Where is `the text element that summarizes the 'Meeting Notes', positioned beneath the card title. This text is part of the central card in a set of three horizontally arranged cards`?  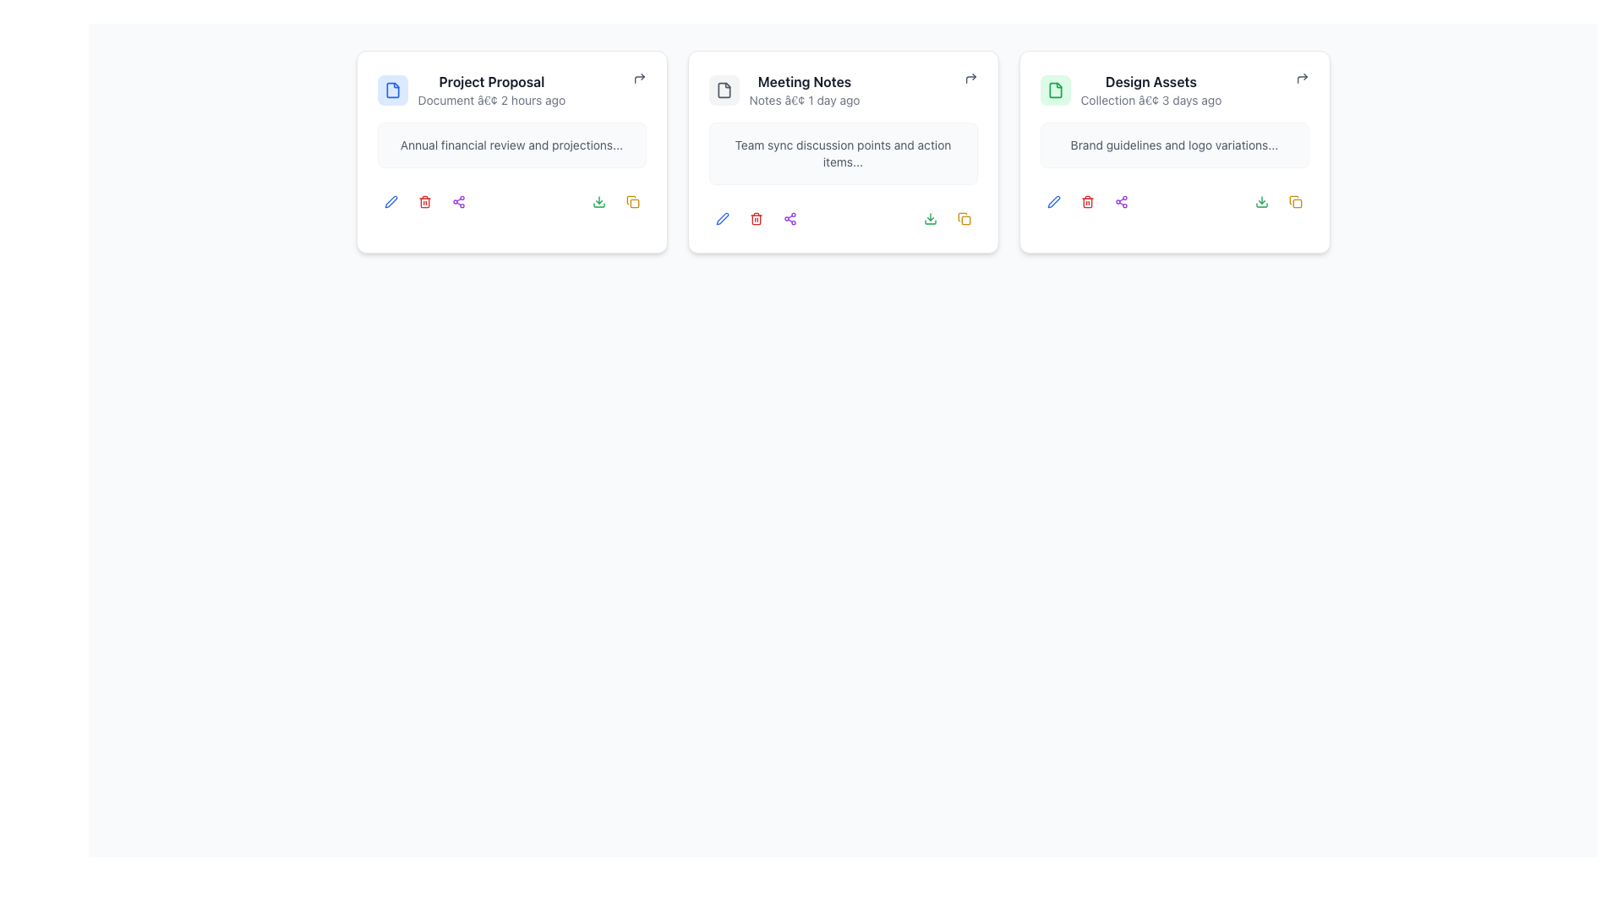
the text element that summarizes the 'Meeting Notes', positioned beneath the card title. This text is part of the central card in a set of three horizontally arranged cards is located at coordinates (843, 153).